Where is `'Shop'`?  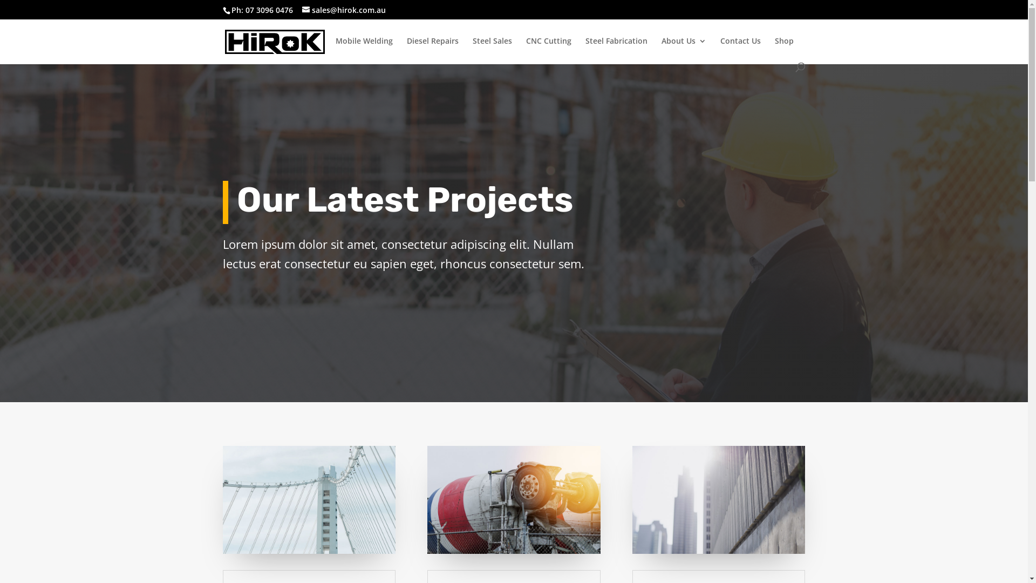
'Shop' is located at coordinates (784, 50).